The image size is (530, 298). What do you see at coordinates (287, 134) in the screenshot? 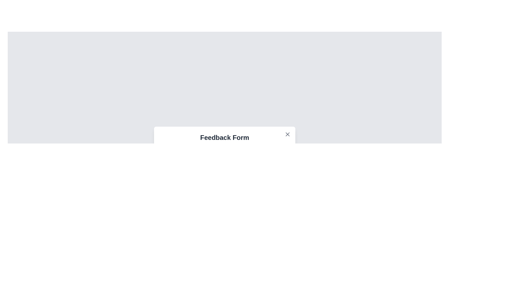
I see `the close button located at the top-right corner of the 'Feedback Form' modal` at bounding box center [287, 134].